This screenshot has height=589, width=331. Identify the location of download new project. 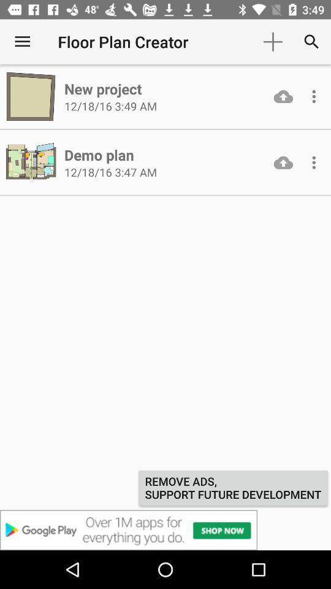
(283, 96).